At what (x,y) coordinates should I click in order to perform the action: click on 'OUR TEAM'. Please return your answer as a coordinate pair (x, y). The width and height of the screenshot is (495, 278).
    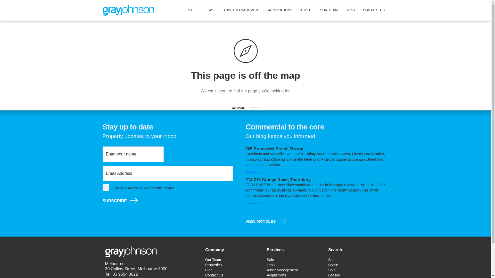
    Looking at the image, I should click on (328, 10).